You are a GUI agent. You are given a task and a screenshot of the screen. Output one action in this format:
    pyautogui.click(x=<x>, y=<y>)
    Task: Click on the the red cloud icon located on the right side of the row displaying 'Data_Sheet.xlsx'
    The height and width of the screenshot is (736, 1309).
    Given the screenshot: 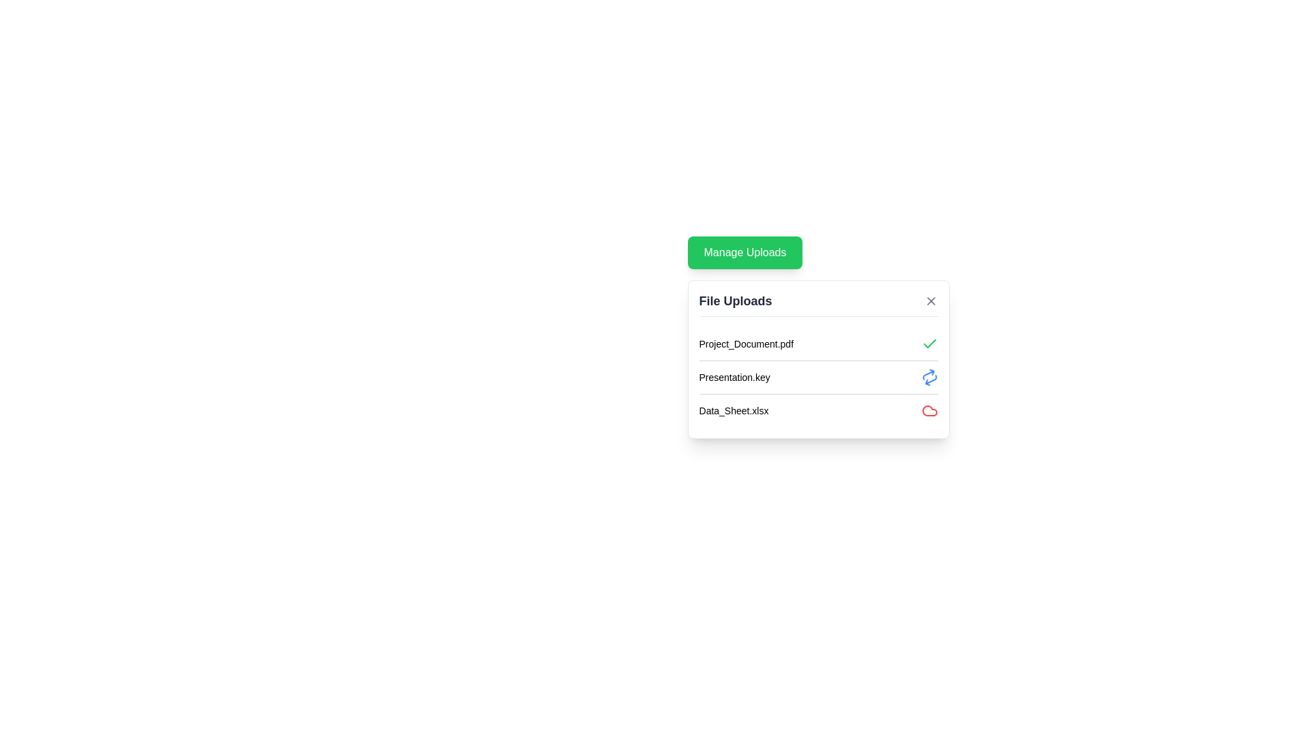 What is the action you would take?
    pyautogui.click(x=929, y=410)
    